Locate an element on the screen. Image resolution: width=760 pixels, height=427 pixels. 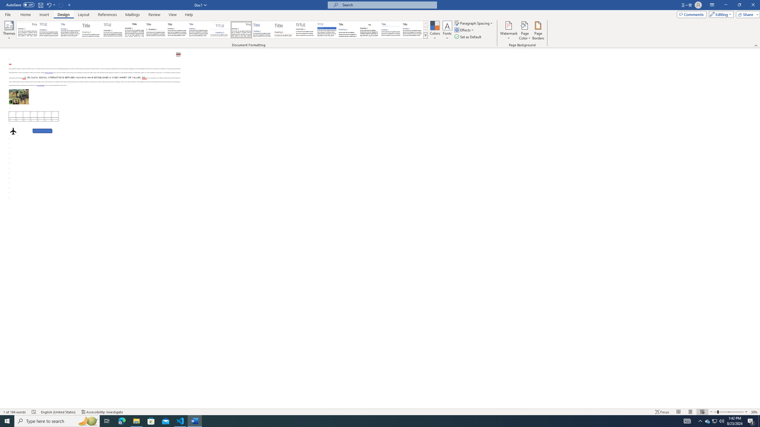
'Style Set' is located at coordinates (425, 35).